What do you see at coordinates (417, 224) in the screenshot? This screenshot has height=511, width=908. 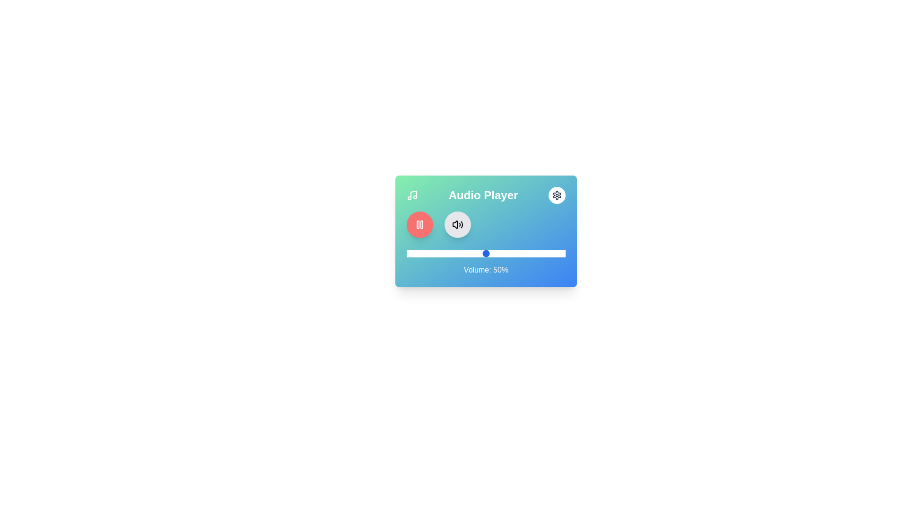 I see `the left vertical bar of the pause icon` at bounding box center [417, 224].